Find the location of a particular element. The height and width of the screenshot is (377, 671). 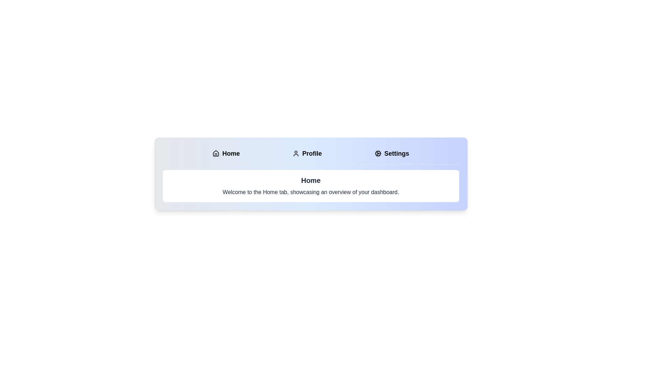

the cogwheel icon located at the left end of the 'Settings' tab is located at coordinates (377, 153).